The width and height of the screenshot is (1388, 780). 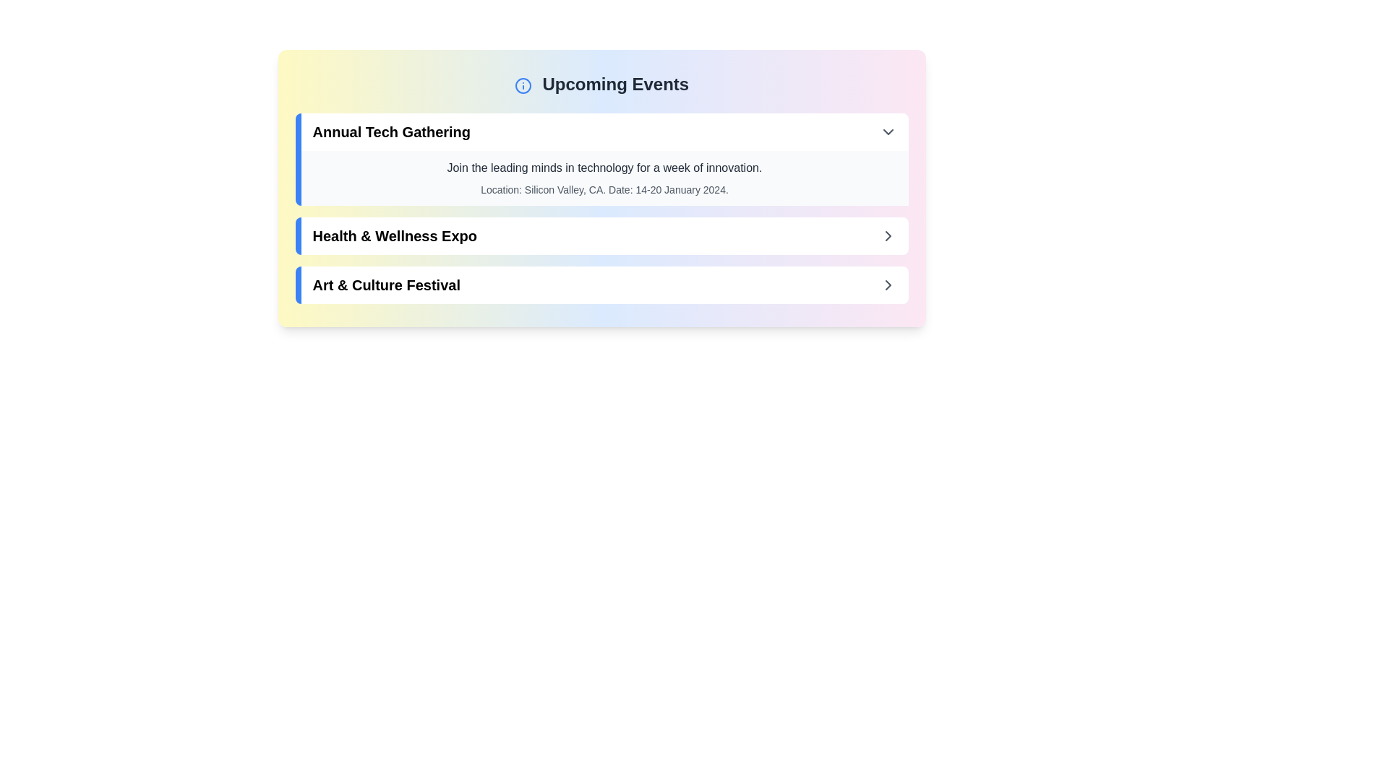 I want to click on the chevron IconButton located on the far right of the 'Art & Culture Festival' section, so click(x=887, y=285).